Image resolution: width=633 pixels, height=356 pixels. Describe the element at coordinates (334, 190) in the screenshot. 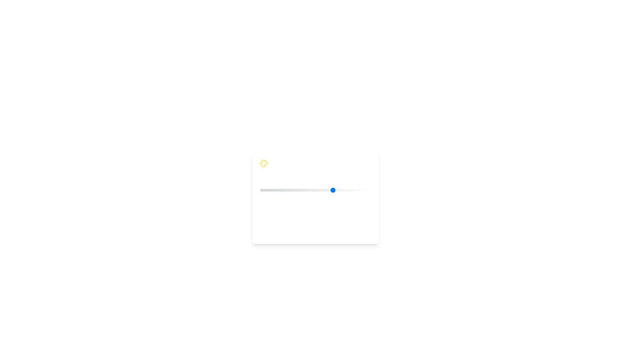

I see `the mood slider to set the mood value to 3` at that location.